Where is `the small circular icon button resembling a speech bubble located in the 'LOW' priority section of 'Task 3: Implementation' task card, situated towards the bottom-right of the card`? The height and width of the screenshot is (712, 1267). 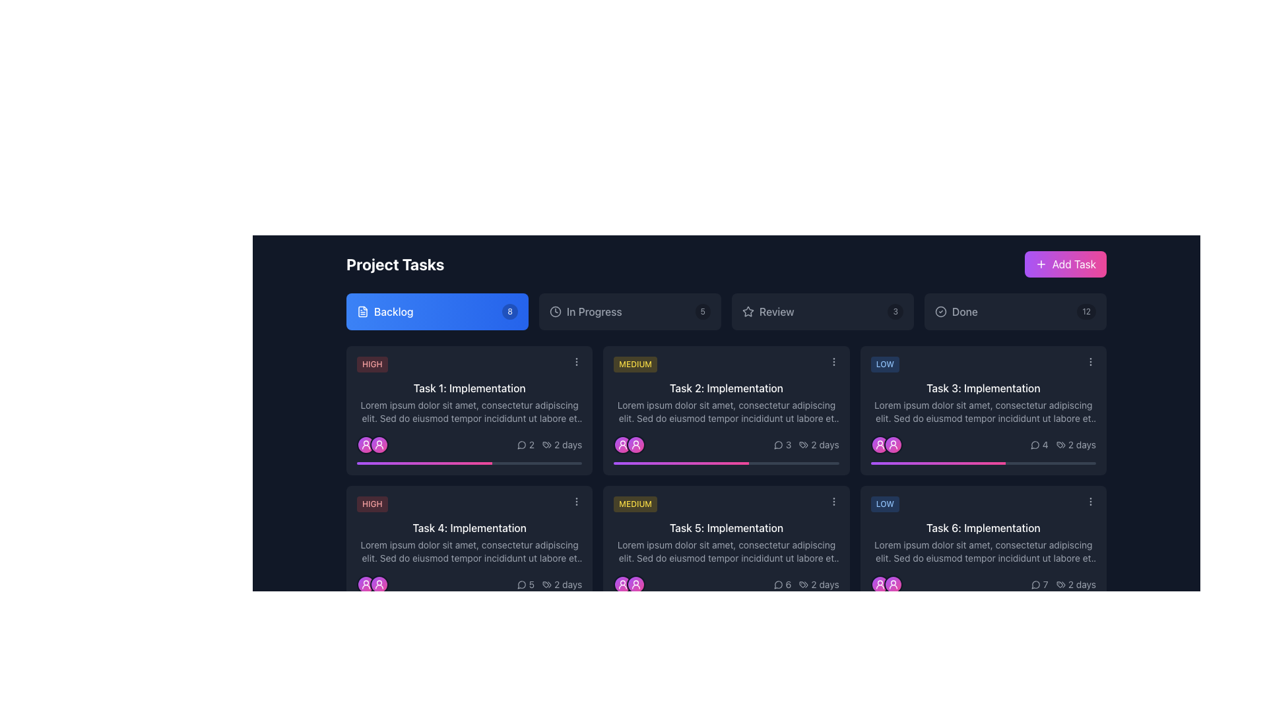
the small circular icon button resembling a speech bubble located in the 'LOW' priority section of 'Task 3: Implementation' task card, situated towards the bottom-right of the card is located at coordinates (1034, 445).